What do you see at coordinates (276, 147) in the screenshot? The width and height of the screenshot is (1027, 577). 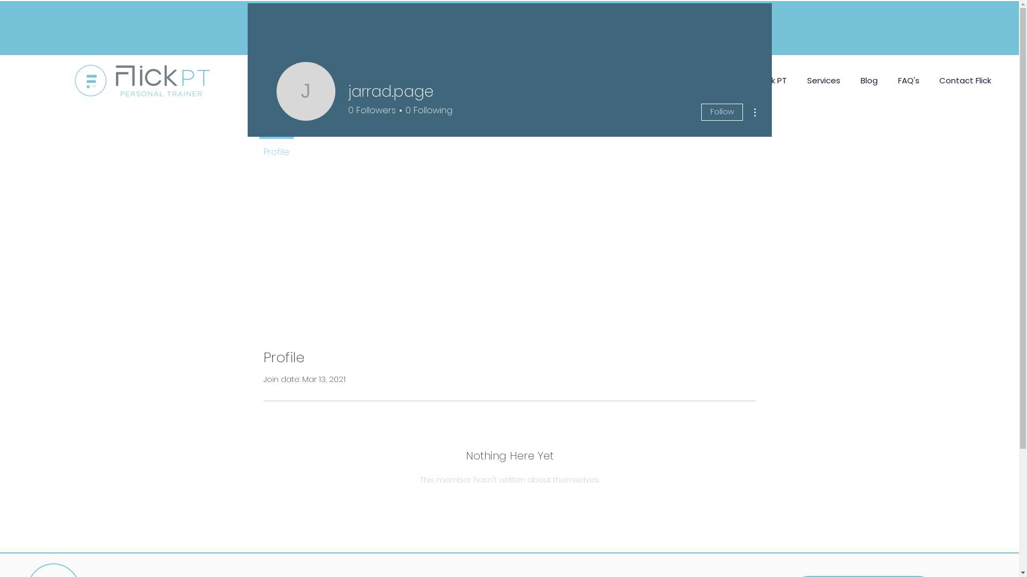 I see `'Profile'` at bounding box center [276, 147].